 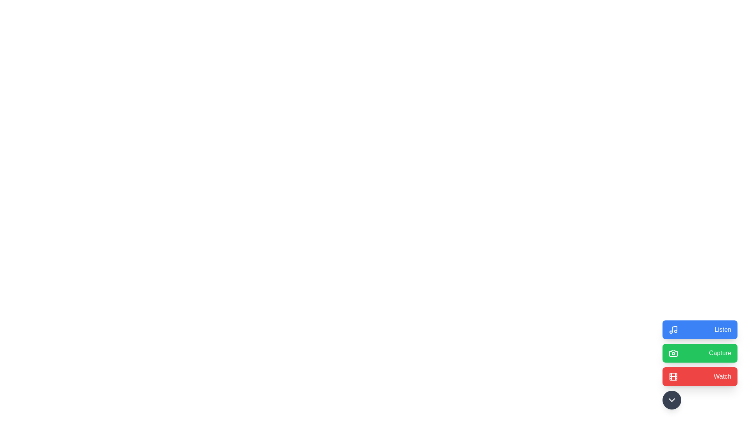 What do you see at coordinates (700, 376) in the screenshot?
I see `the 'Watch' button to trigger its functionality` at bounding box center [700, 376].